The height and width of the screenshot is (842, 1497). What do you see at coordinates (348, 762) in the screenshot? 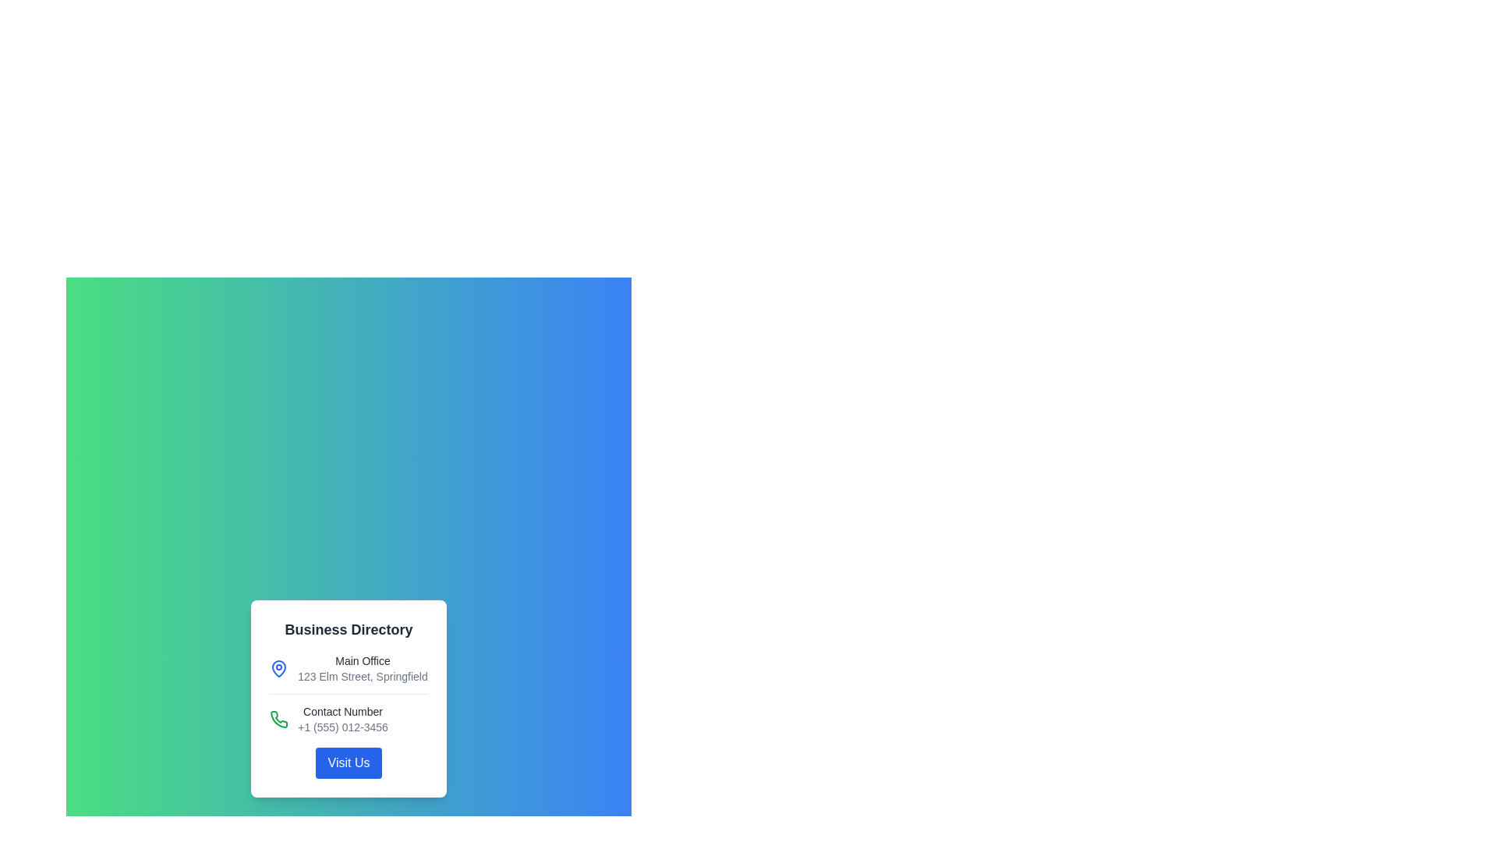
I see `the blue button labeled 'Visit Us' located at the center-bottom of the card layout` at bounding box center [348, 762].